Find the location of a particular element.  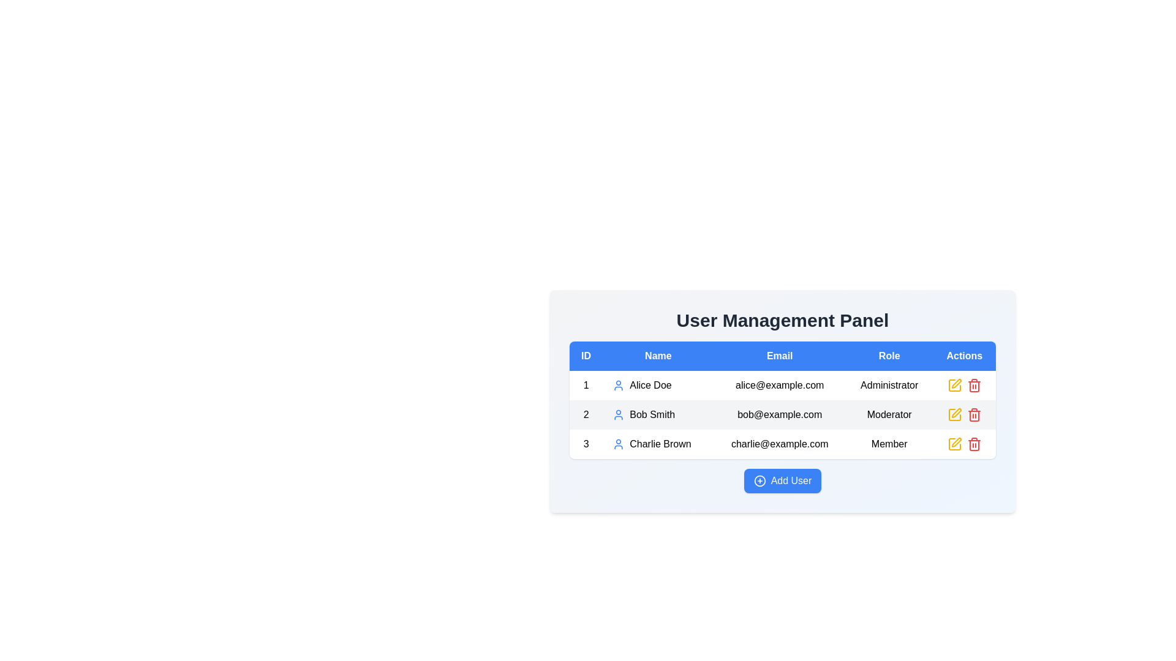

the textual number '1' in the user management table under the 'ID' column, which is the first cell in the first row is located at coordinates (586, 384).